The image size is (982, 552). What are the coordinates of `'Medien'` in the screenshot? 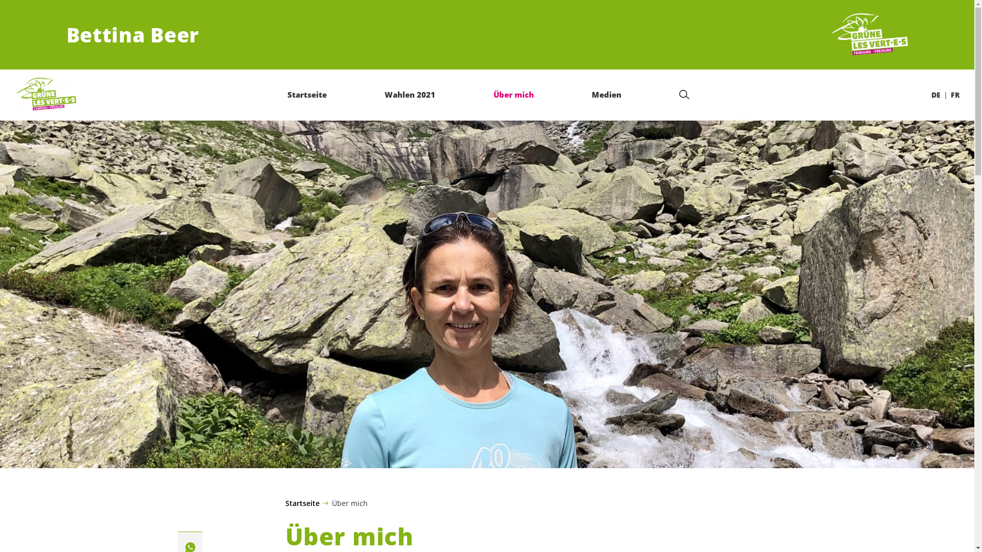 It's located at (606, 94).